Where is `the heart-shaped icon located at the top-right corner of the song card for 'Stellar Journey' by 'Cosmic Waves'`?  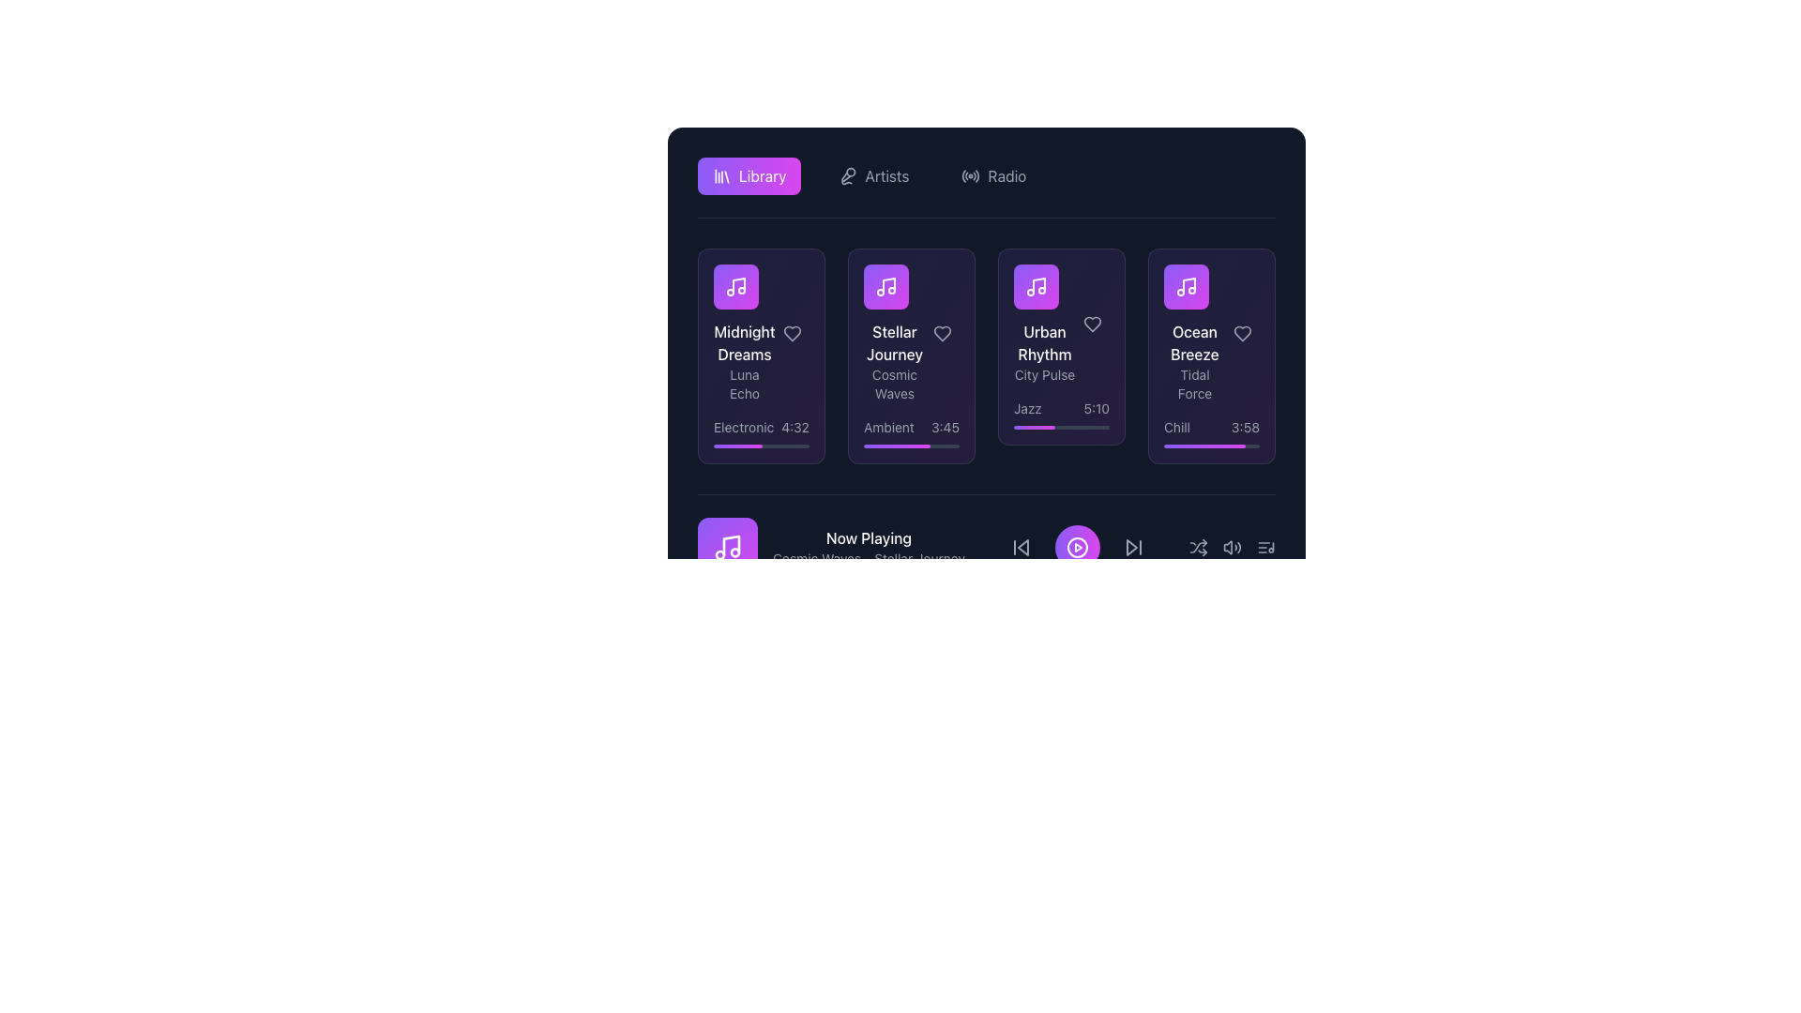 the heart-shaped icon located at the top-right corner of the song card for 'Stellar Journey' by 'Cosmic Waves' is located at coordinates (942, 332).